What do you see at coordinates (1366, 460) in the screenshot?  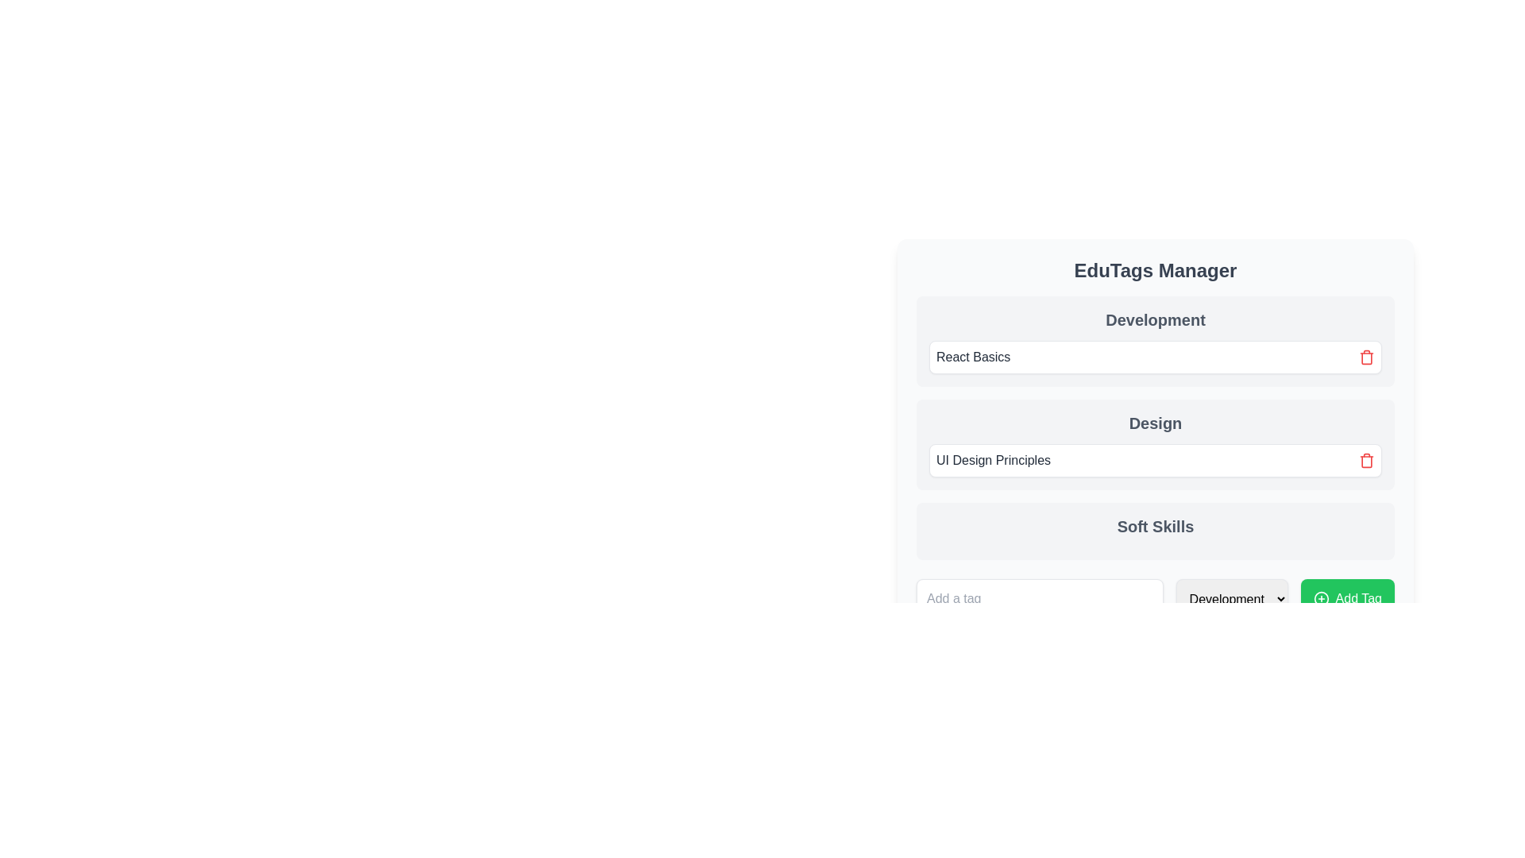 I see `the red trash bin icon button located on the far right of the 'UI Design Principles' box` at bounding box center [1366, 460].